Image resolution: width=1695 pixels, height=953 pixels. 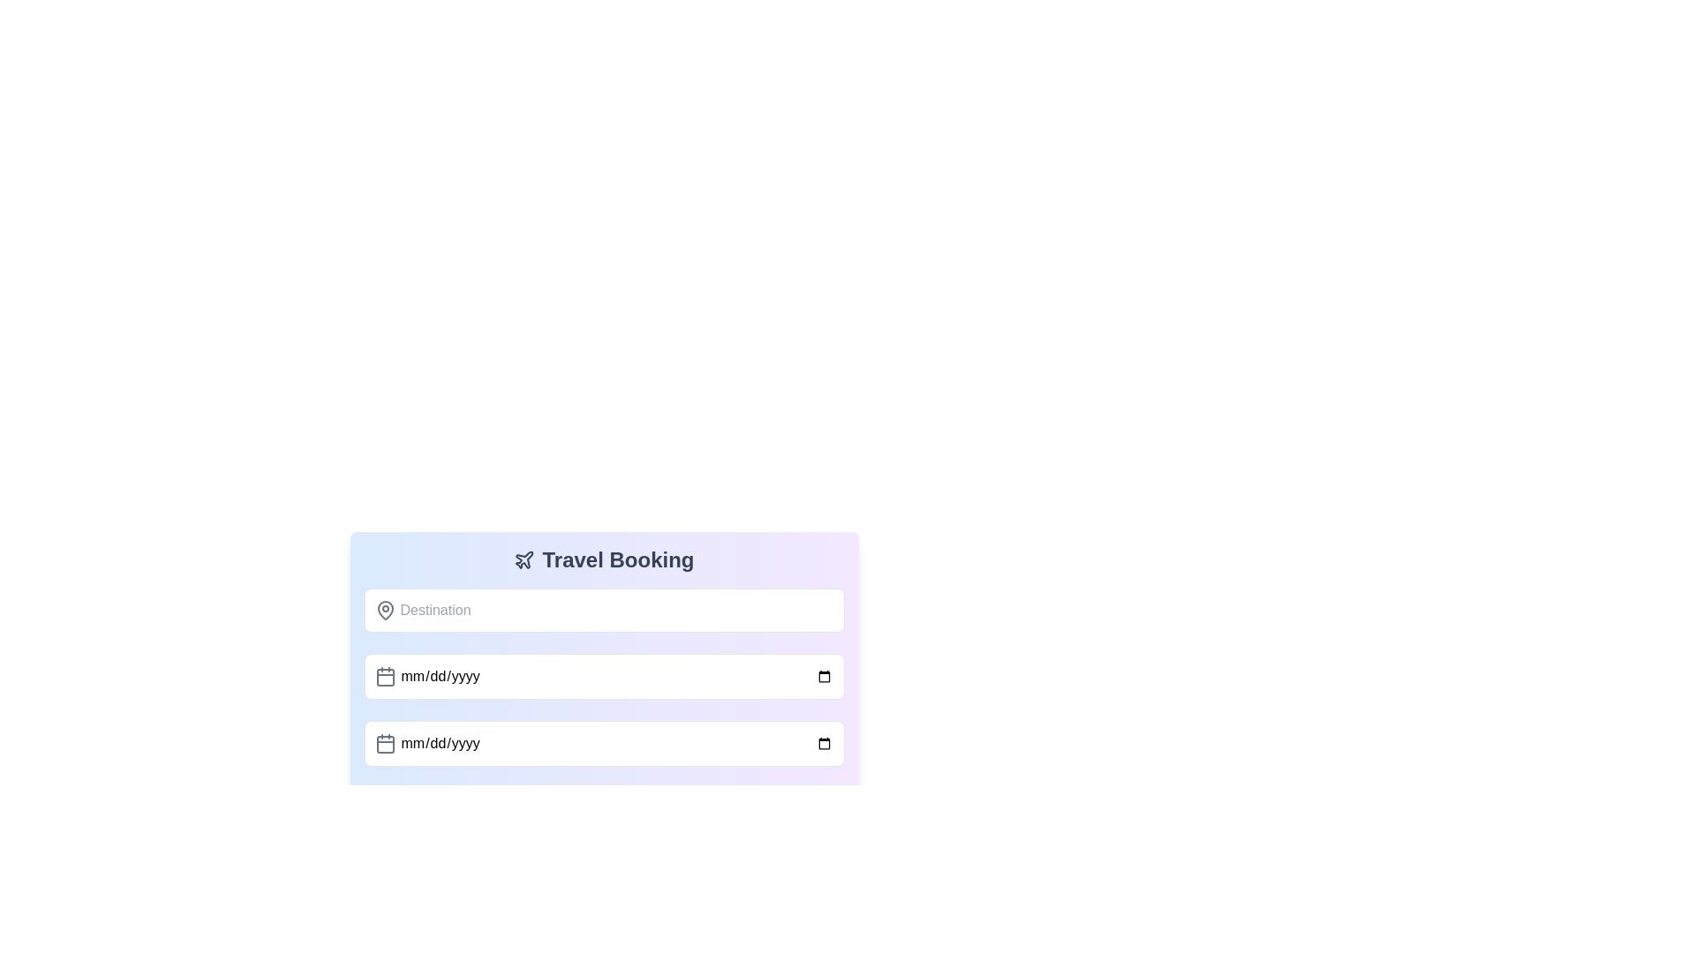 What do you see at coordinates (604, 648) in the screenshot?
I see `a date from the date picker located in the Form Section for booking user information` at bounding box center [604, 648].